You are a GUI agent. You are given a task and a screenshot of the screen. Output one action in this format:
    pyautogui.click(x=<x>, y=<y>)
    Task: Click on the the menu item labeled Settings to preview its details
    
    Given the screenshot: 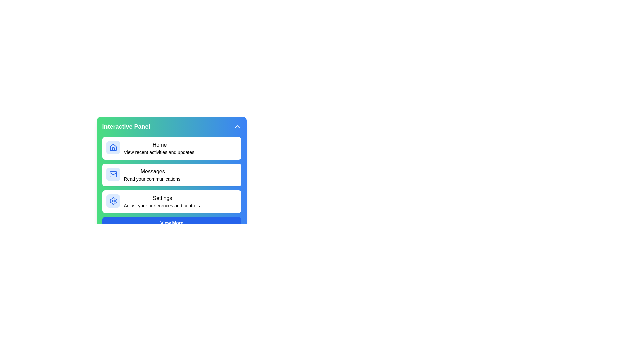 What is the action you would take?
    pyautogui.click(x=172, y=201)
    